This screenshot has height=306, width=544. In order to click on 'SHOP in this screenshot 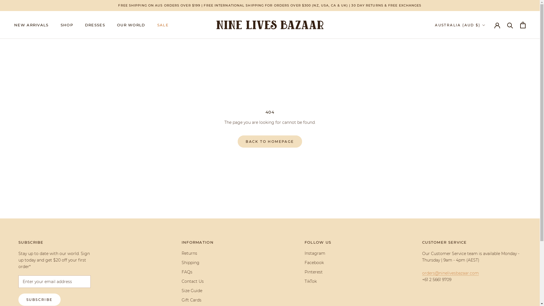, I will do `click(67, 25)`.